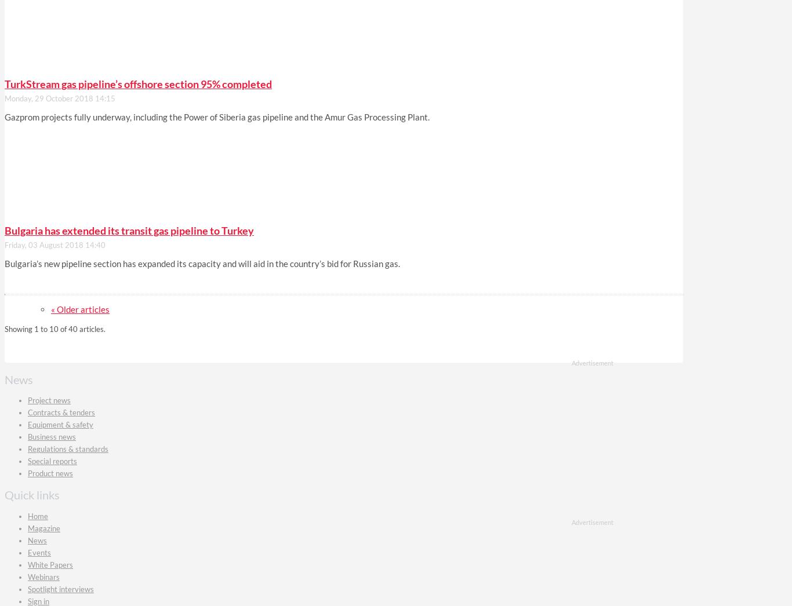 This screenshot has width=792, height=606. I want to click on 'Product news', so click(50, 473).